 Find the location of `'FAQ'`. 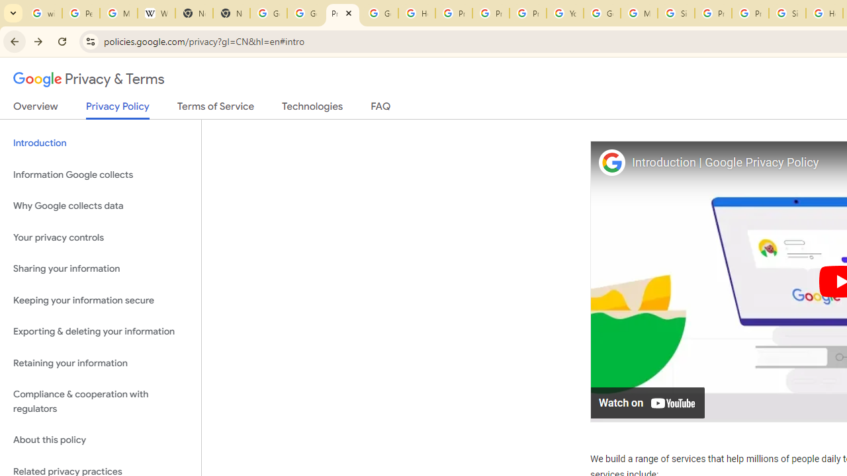

'FAQ' is located at coordinates (380, 108).